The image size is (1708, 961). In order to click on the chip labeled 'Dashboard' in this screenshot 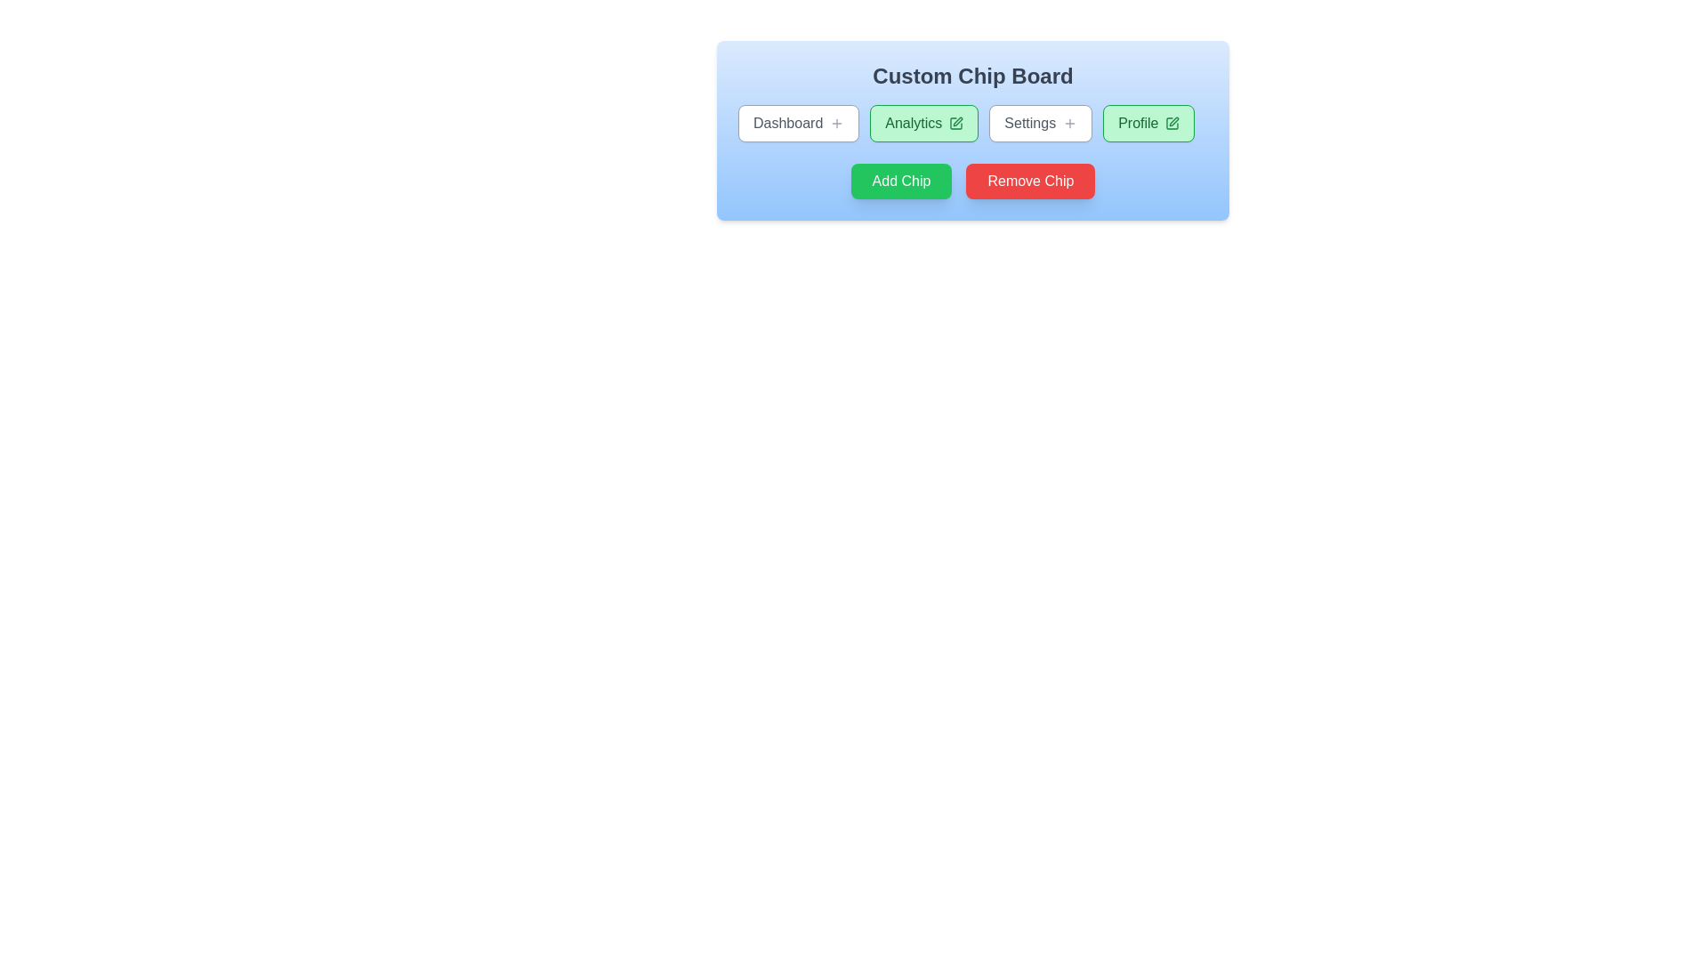, I will do `click(797, 122)`.